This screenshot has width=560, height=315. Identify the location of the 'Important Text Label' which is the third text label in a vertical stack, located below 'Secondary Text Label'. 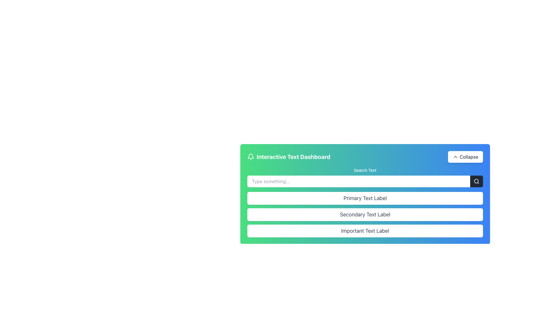
(365, 230).